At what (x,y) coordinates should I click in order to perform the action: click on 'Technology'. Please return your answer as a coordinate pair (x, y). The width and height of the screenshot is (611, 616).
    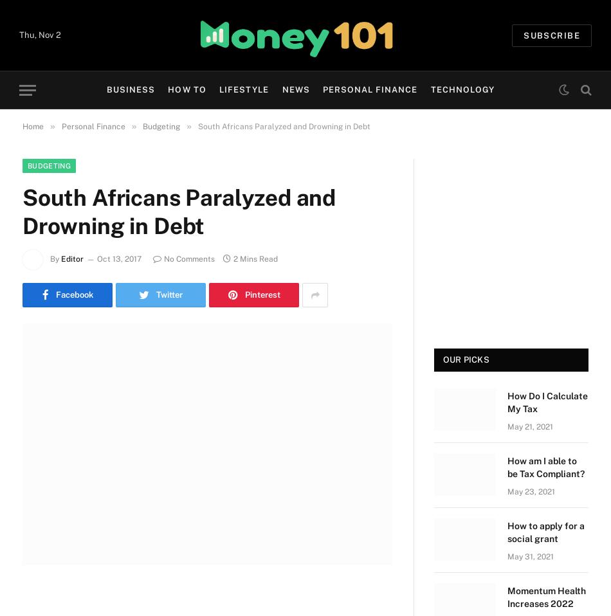
    Looking at the image, I should click on (461, 89).